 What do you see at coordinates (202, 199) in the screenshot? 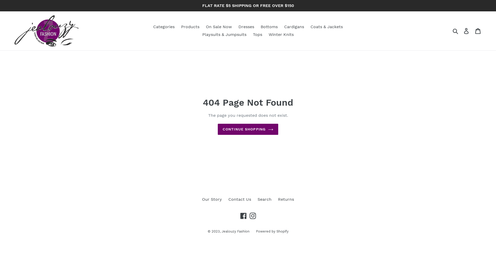
I see `'Our Story'` at bounding box center [202, 199].